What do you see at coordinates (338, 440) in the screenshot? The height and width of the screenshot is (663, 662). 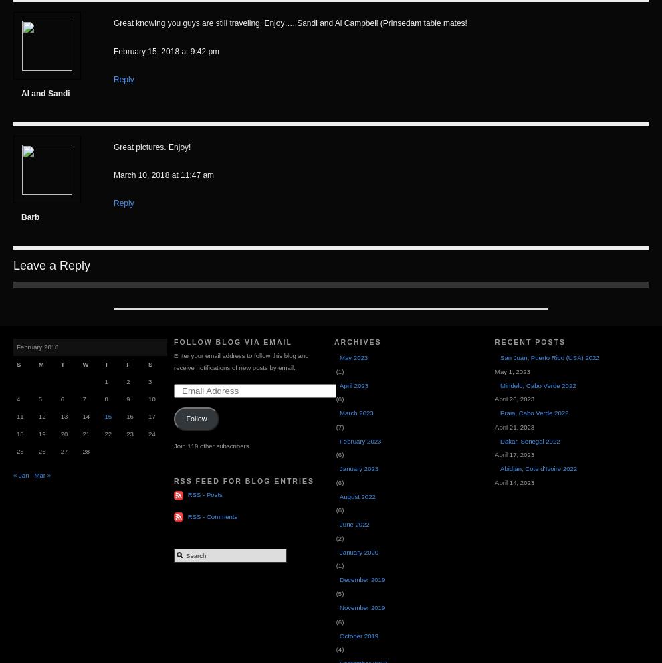 I see `'February 2023'` at bounding box center [338, 440].